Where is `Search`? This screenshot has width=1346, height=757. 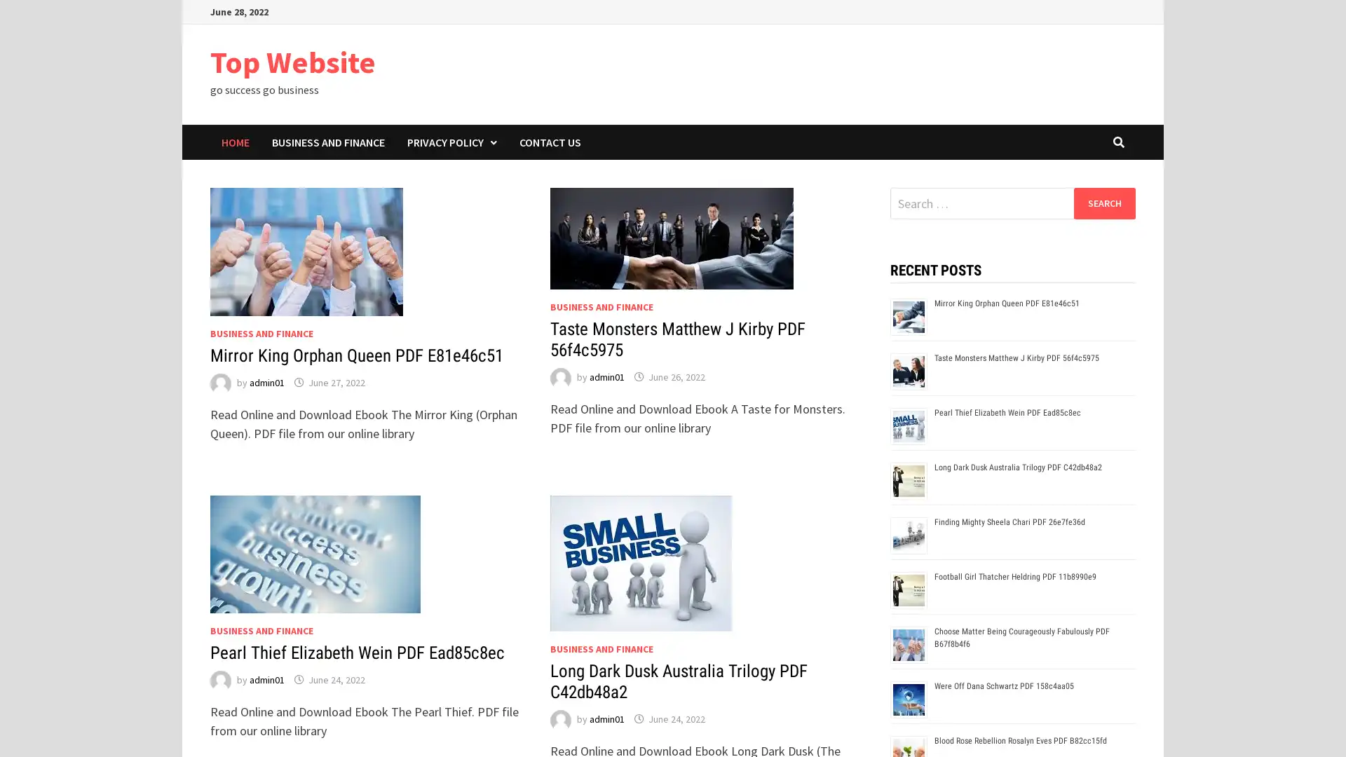 Search is located at coordinates (1103, 203).